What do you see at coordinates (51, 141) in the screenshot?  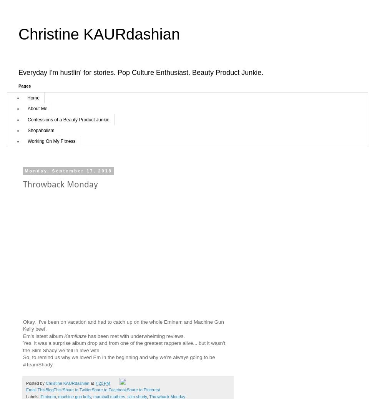 I see `'Working On My Fitness'` at bounding box center [51, 141].